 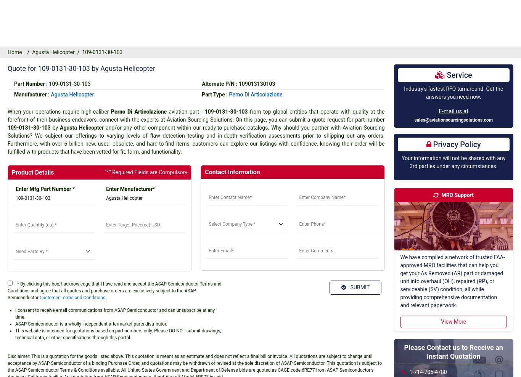 What do you see at coordinates (111, 316) in the screenshot?
I see `'NO CHINA SOURCING Pledge'` at bounding box center [111, 316].